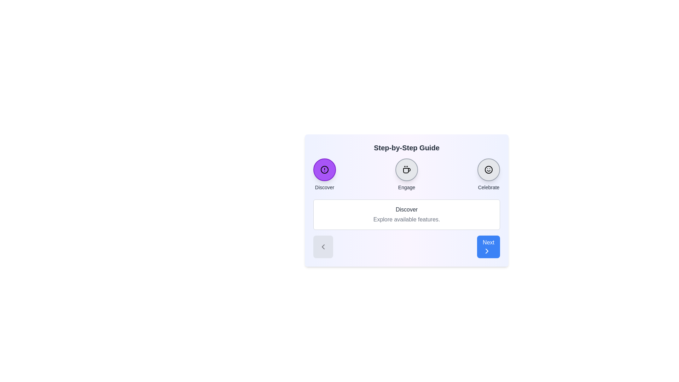  I want to click on the 'Engage' button, which features a circular coffee icon and the label 'Engage' below it, so click(407, 174).